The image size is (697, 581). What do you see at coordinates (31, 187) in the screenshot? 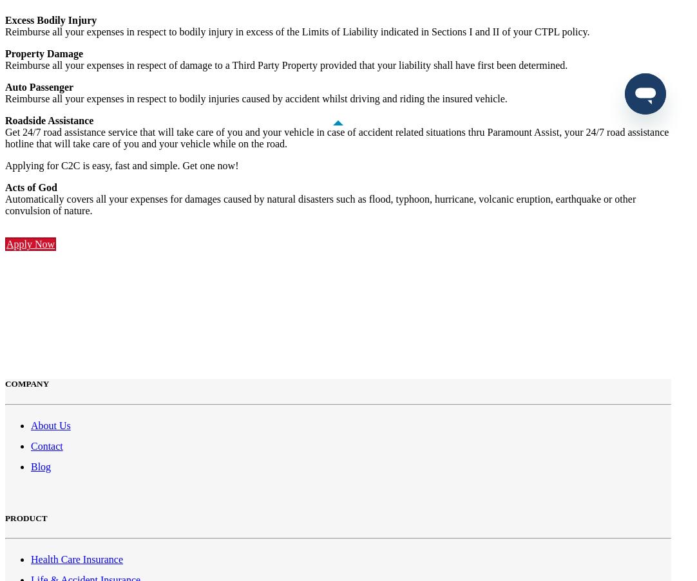
I see `'Acts of God'` at bounding box center [31, 187].